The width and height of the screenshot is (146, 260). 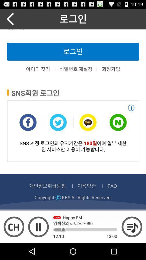 What do you see at coordinates (132, 242) in the screenshot?
I see `the playlist icon` at bounding box center [132, 242].